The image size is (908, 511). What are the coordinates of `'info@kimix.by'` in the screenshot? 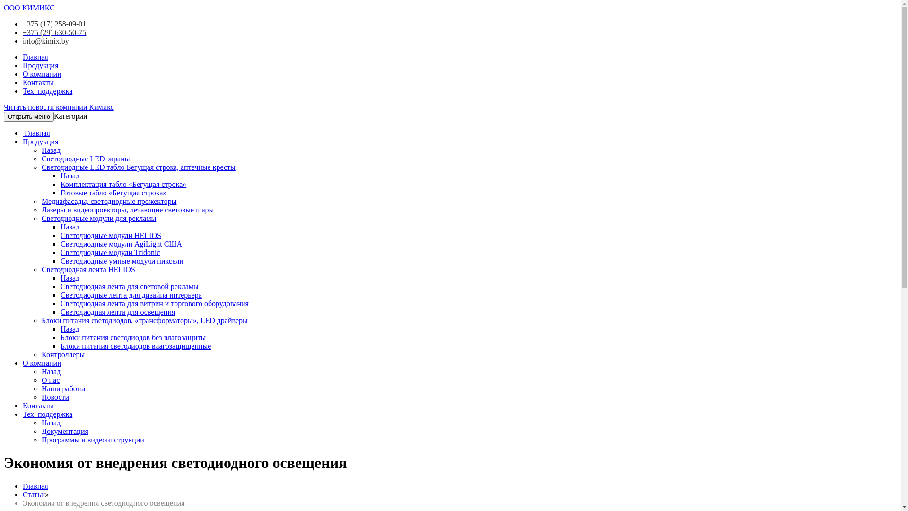 It's located at (45, 40).